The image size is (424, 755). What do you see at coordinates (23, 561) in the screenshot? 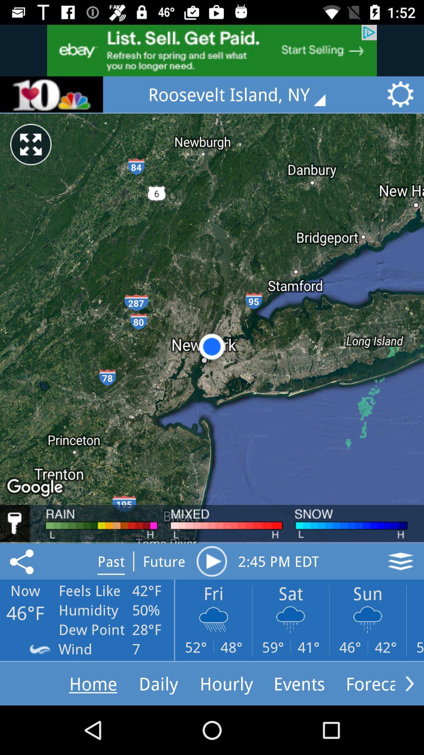
I see `the share icon` at bounding box center [23, 561].